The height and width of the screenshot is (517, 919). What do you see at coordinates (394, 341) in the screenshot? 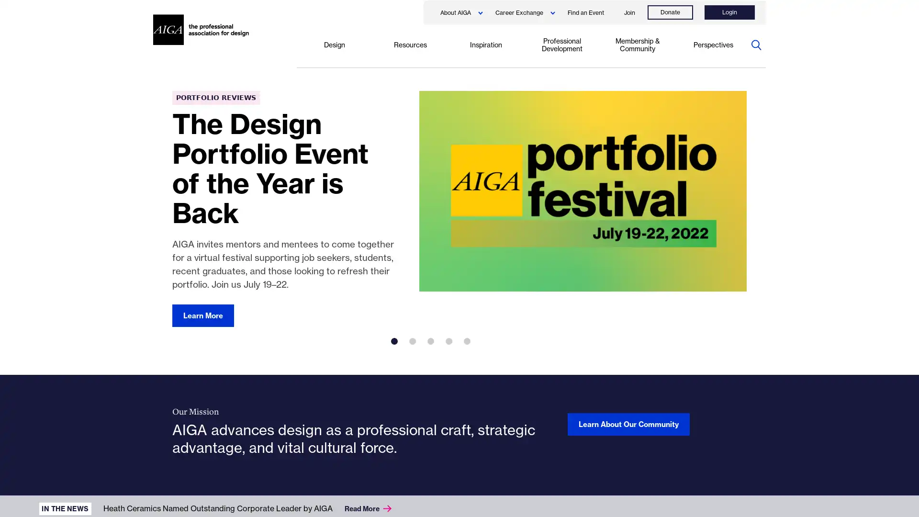
I see `1 of 5` at bounding box center [394, 341].